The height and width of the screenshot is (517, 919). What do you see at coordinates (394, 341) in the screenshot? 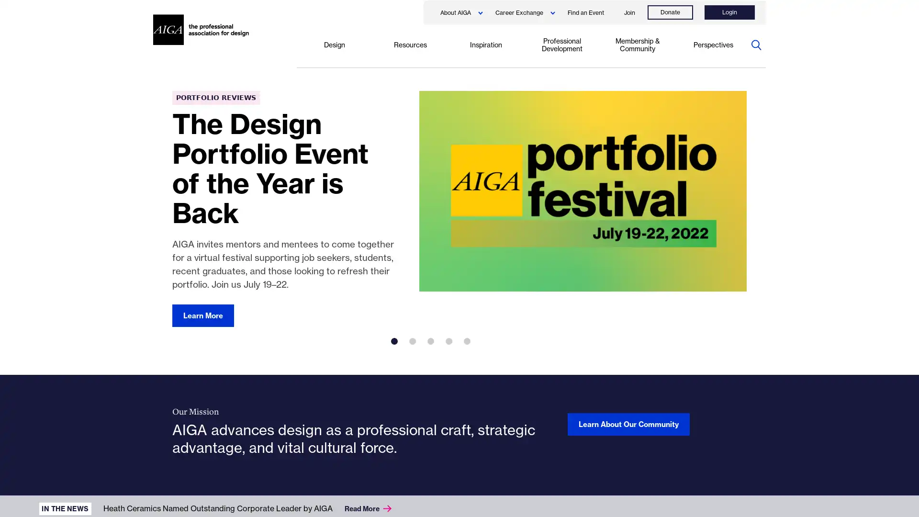
I see `1 of 5` at bounding box center [394, 341].